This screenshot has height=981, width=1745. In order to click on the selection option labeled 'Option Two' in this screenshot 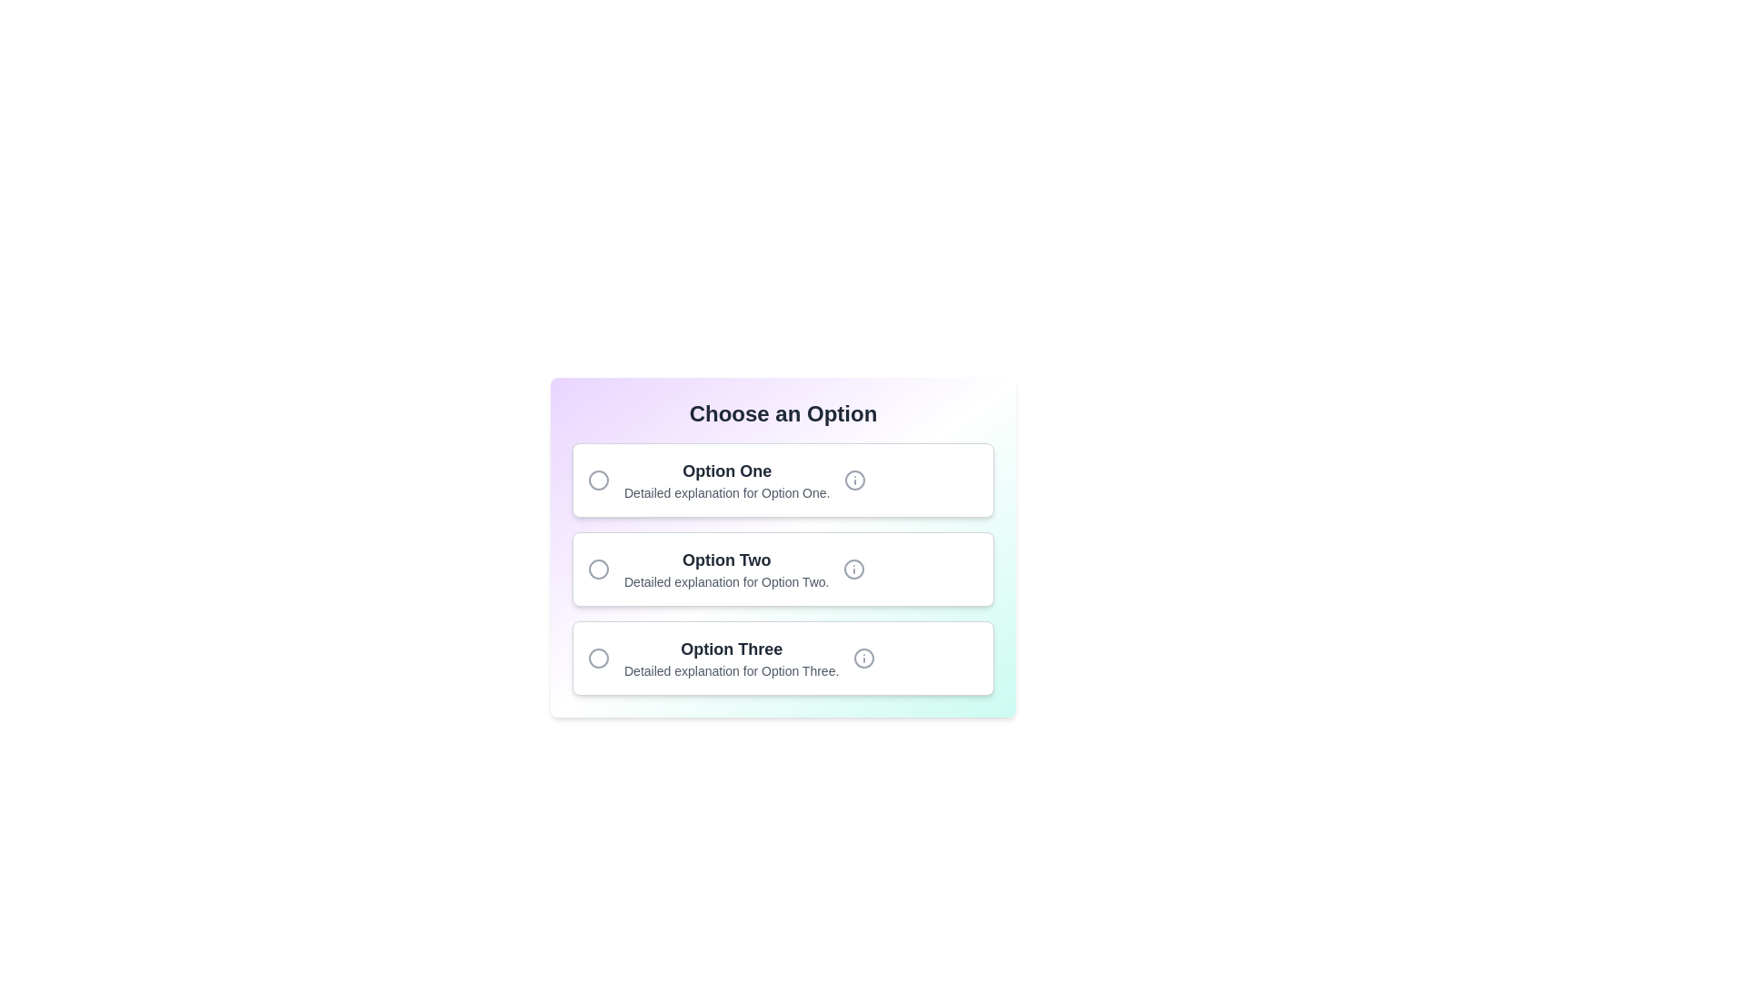, I will do `click(783, 569)`.